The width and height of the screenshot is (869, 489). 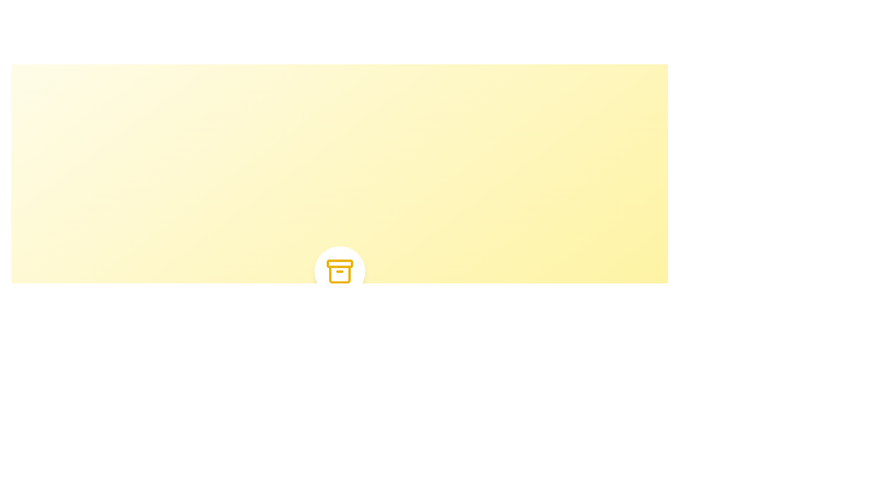 What do you see at coordinates (339, 264) in the screenshot?
I see `topmost rectangular segment of the archive icon component, which is a narrow bar-like graphical illustration with rounded corners, using the developer tools` at bounding box center [339, 264].